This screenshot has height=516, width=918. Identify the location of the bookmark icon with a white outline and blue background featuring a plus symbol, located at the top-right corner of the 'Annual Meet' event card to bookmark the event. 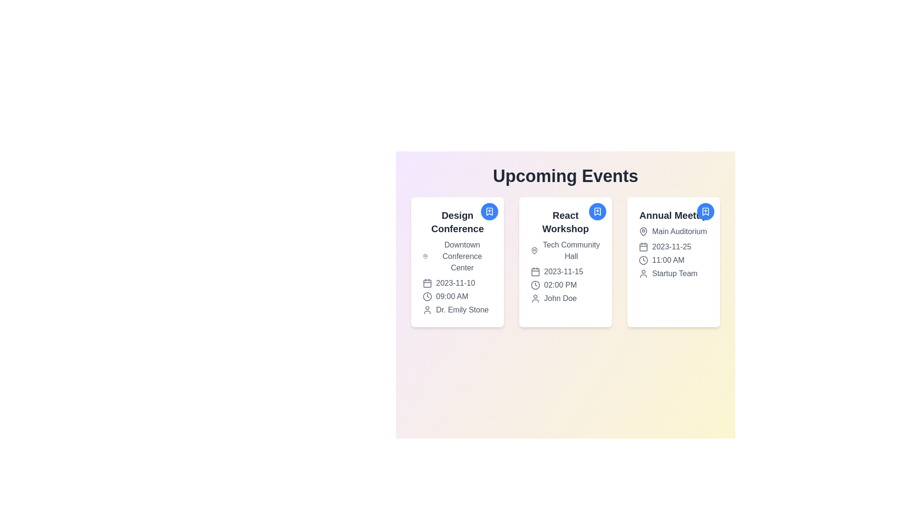
(706, 211).